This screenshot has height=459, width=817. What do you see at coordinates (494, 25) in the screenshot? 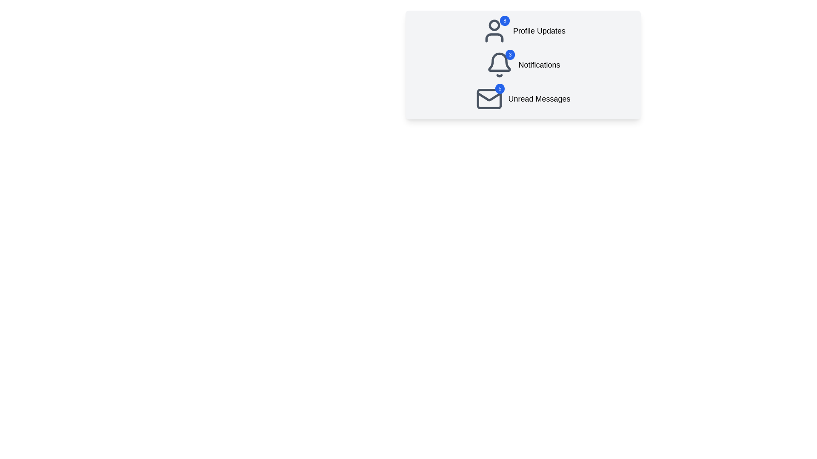
I see `the notification badge located at the top area of the user avatar icon, which serves as a visual indicator for status` at bounding box center [494, 25].